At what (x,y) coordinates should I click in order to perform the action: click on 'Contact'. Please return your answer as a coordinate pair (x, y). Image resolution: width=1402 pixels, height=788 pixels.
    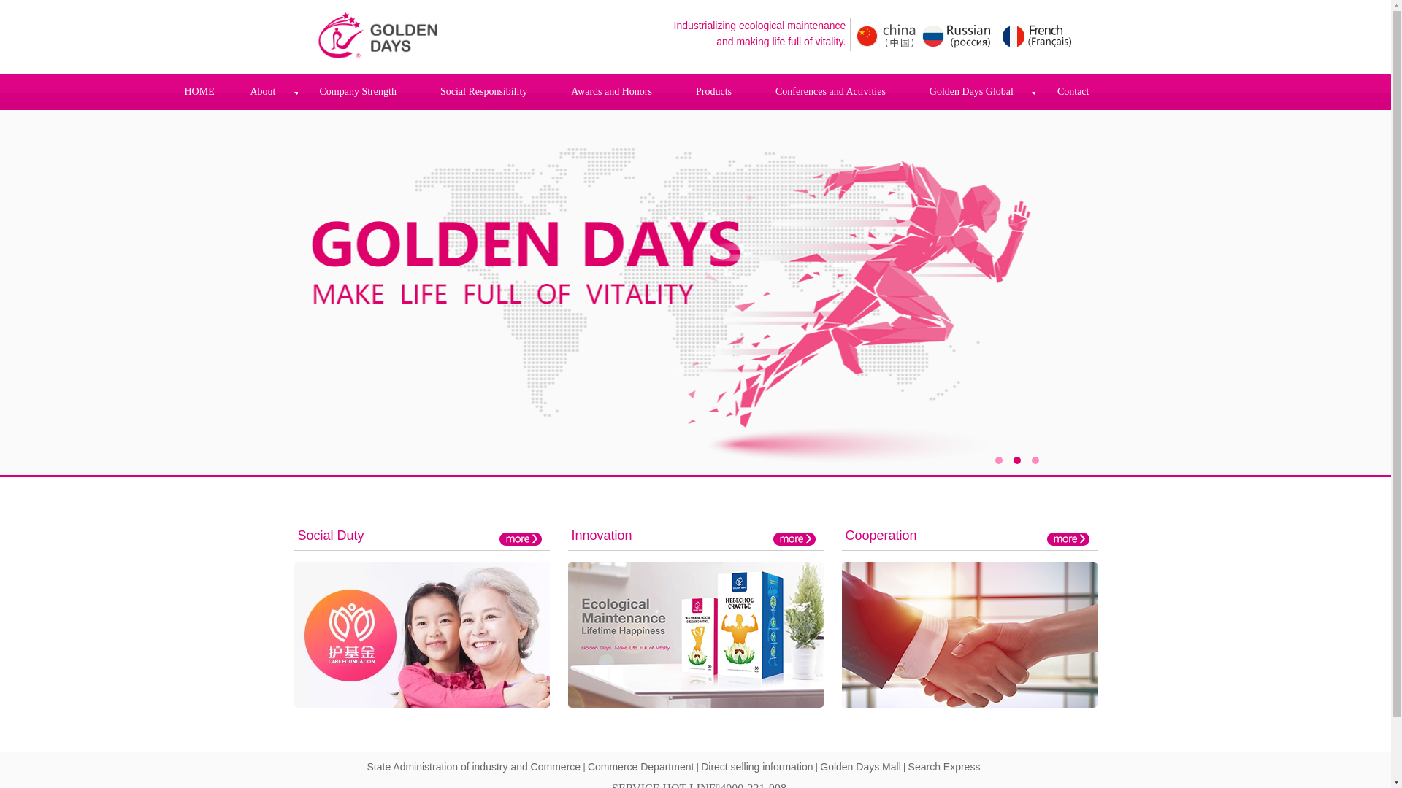
    Looking at the image, I should click on (1073, 92).